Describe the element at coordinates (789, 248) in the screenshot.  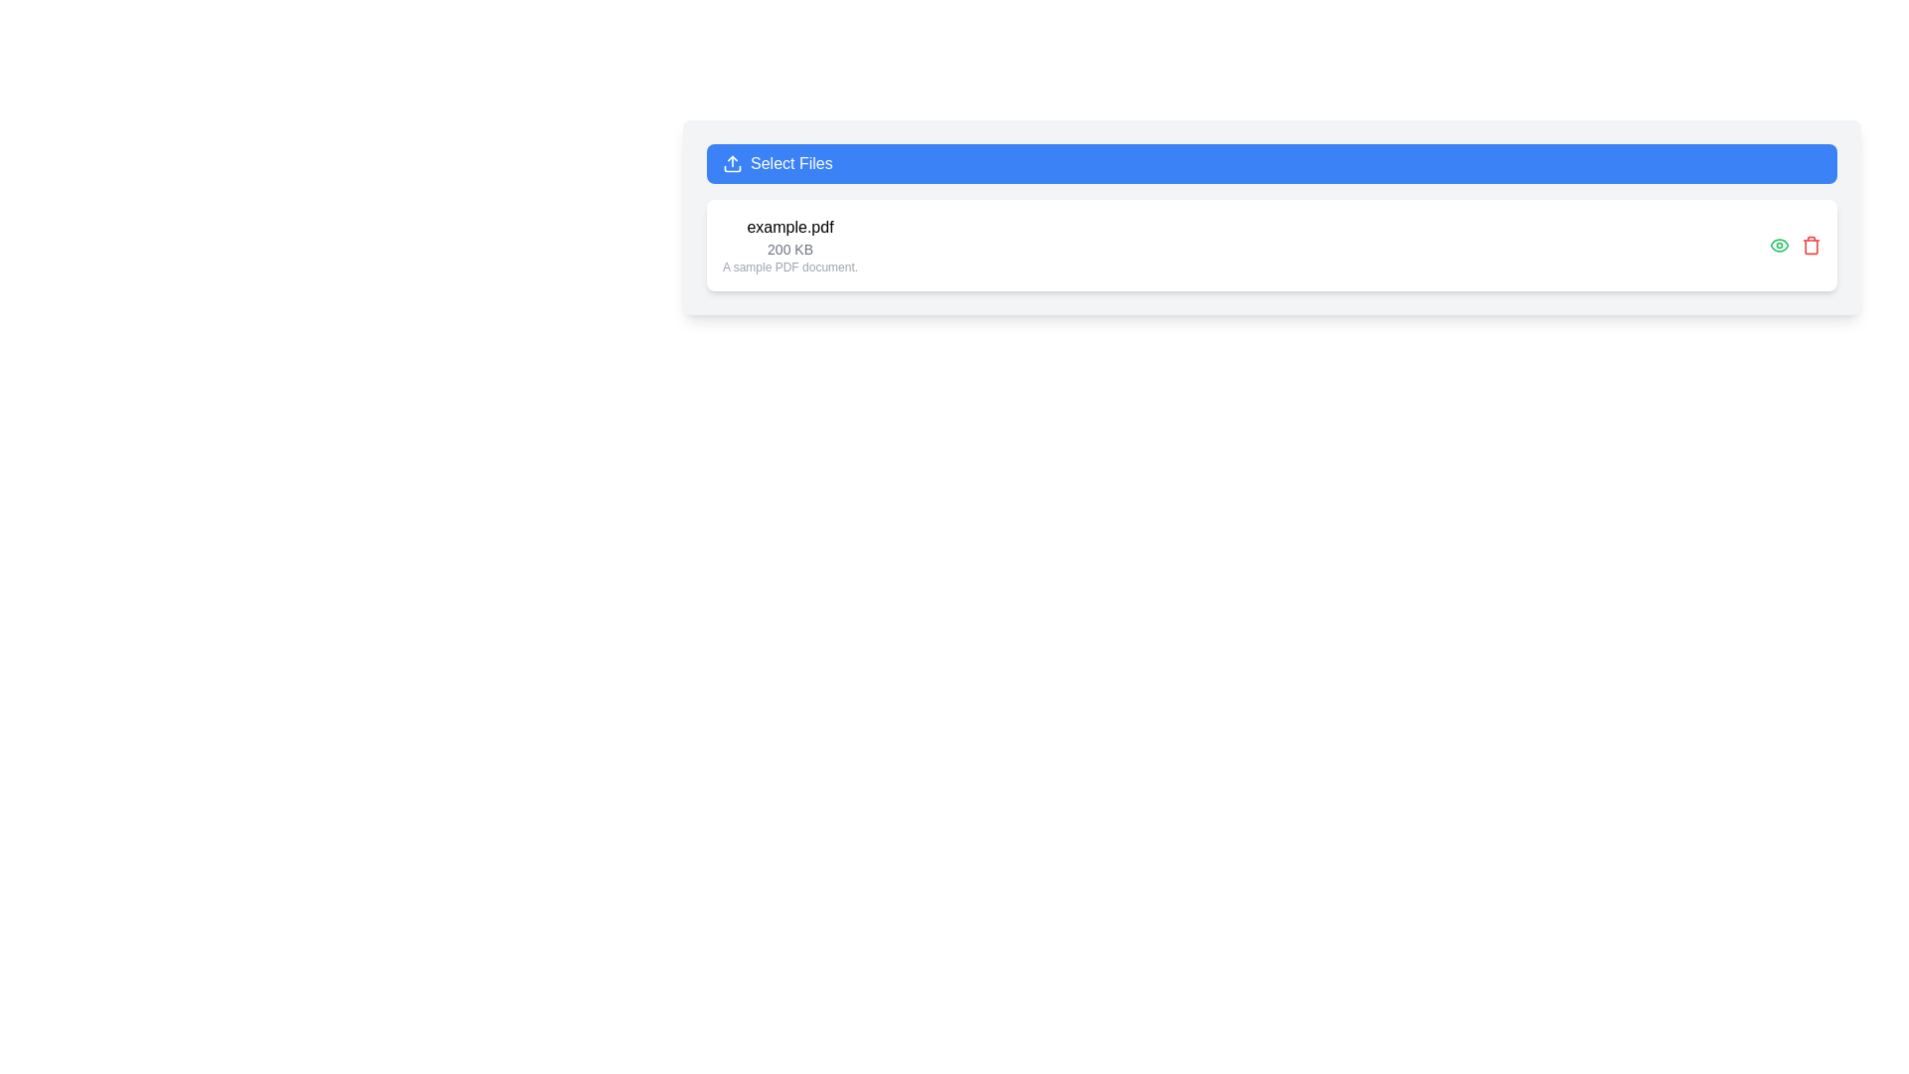
I see `text content of the Text Label that indicates the size of the file, located below 'example.pdf' and above the file description` at that location.